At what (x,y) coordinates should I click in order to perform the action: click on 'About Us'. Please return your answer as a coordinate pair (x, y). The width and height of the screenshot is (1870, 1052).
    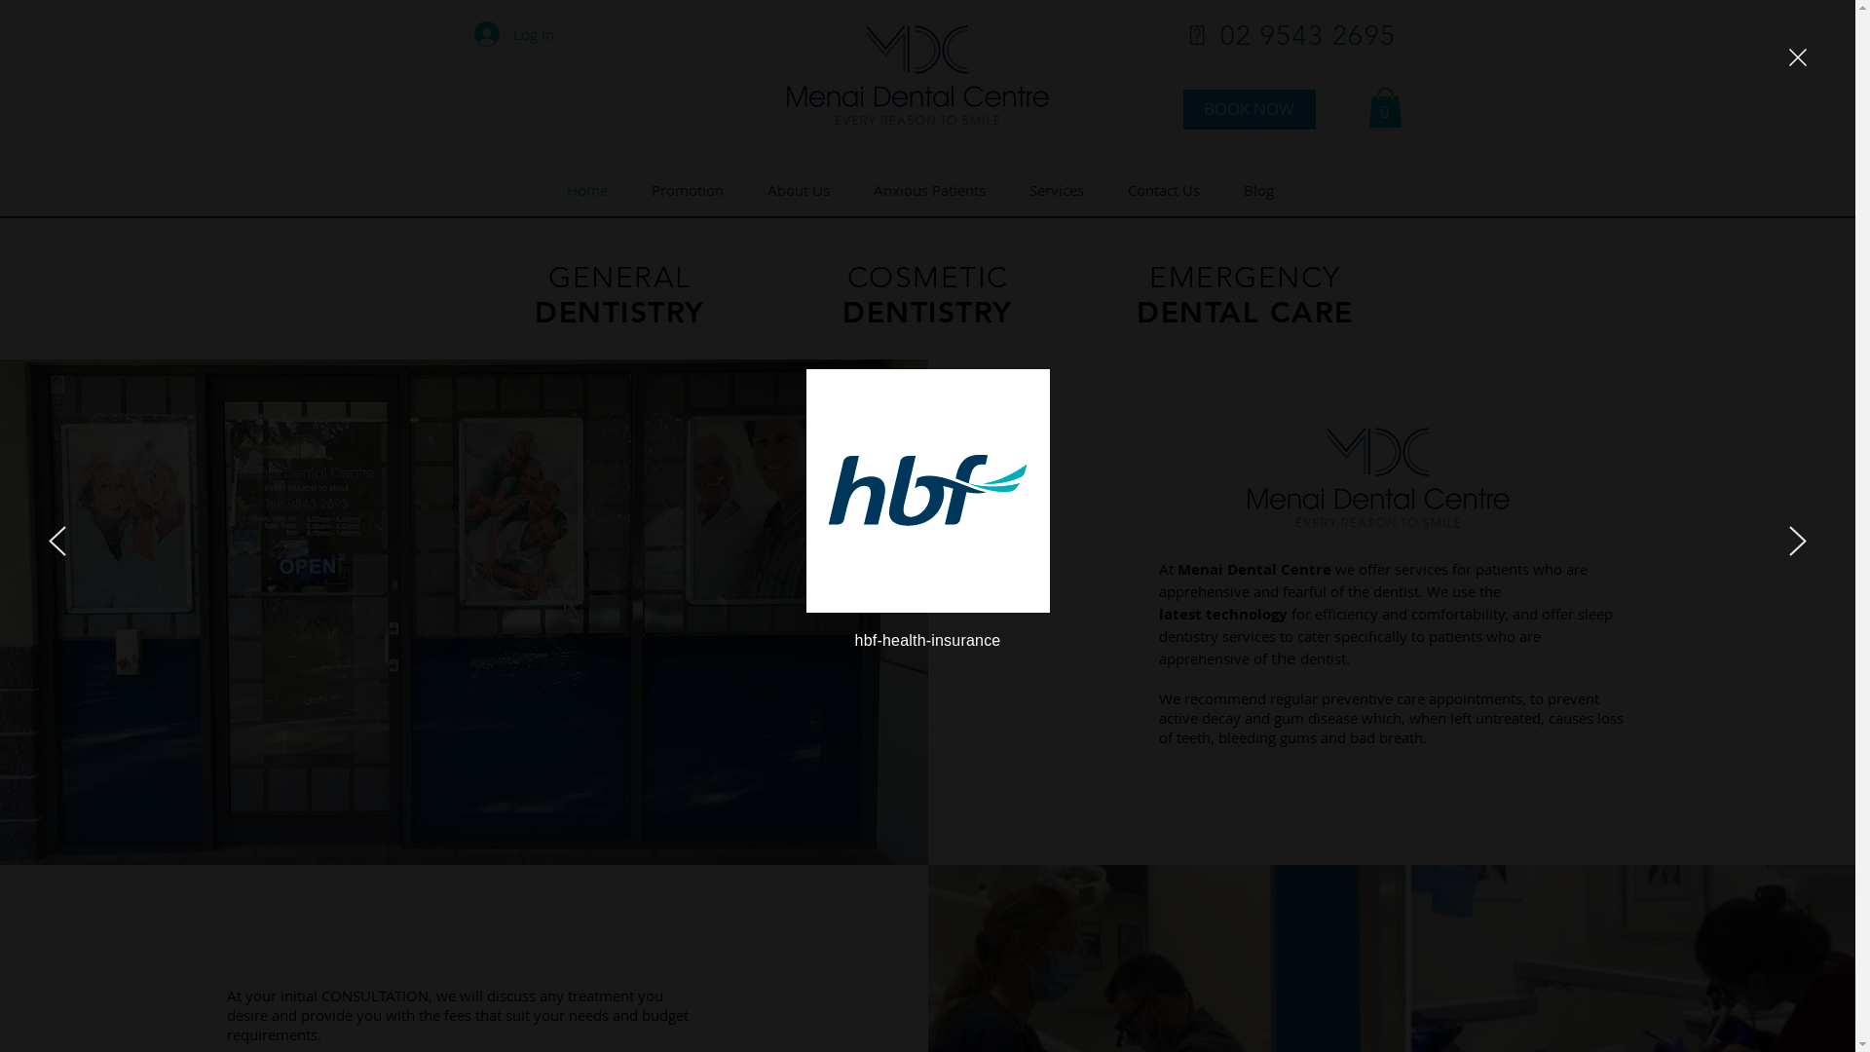
    Looking at the image, I should click on (804, 189).